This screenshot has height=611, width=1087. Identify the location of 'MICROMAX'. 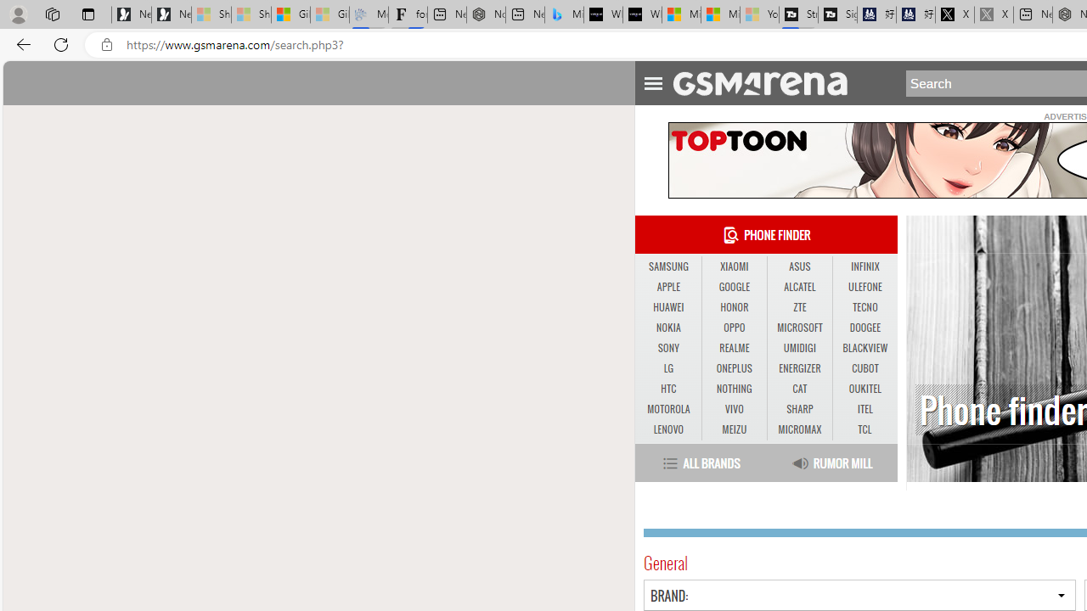
(799, 429).